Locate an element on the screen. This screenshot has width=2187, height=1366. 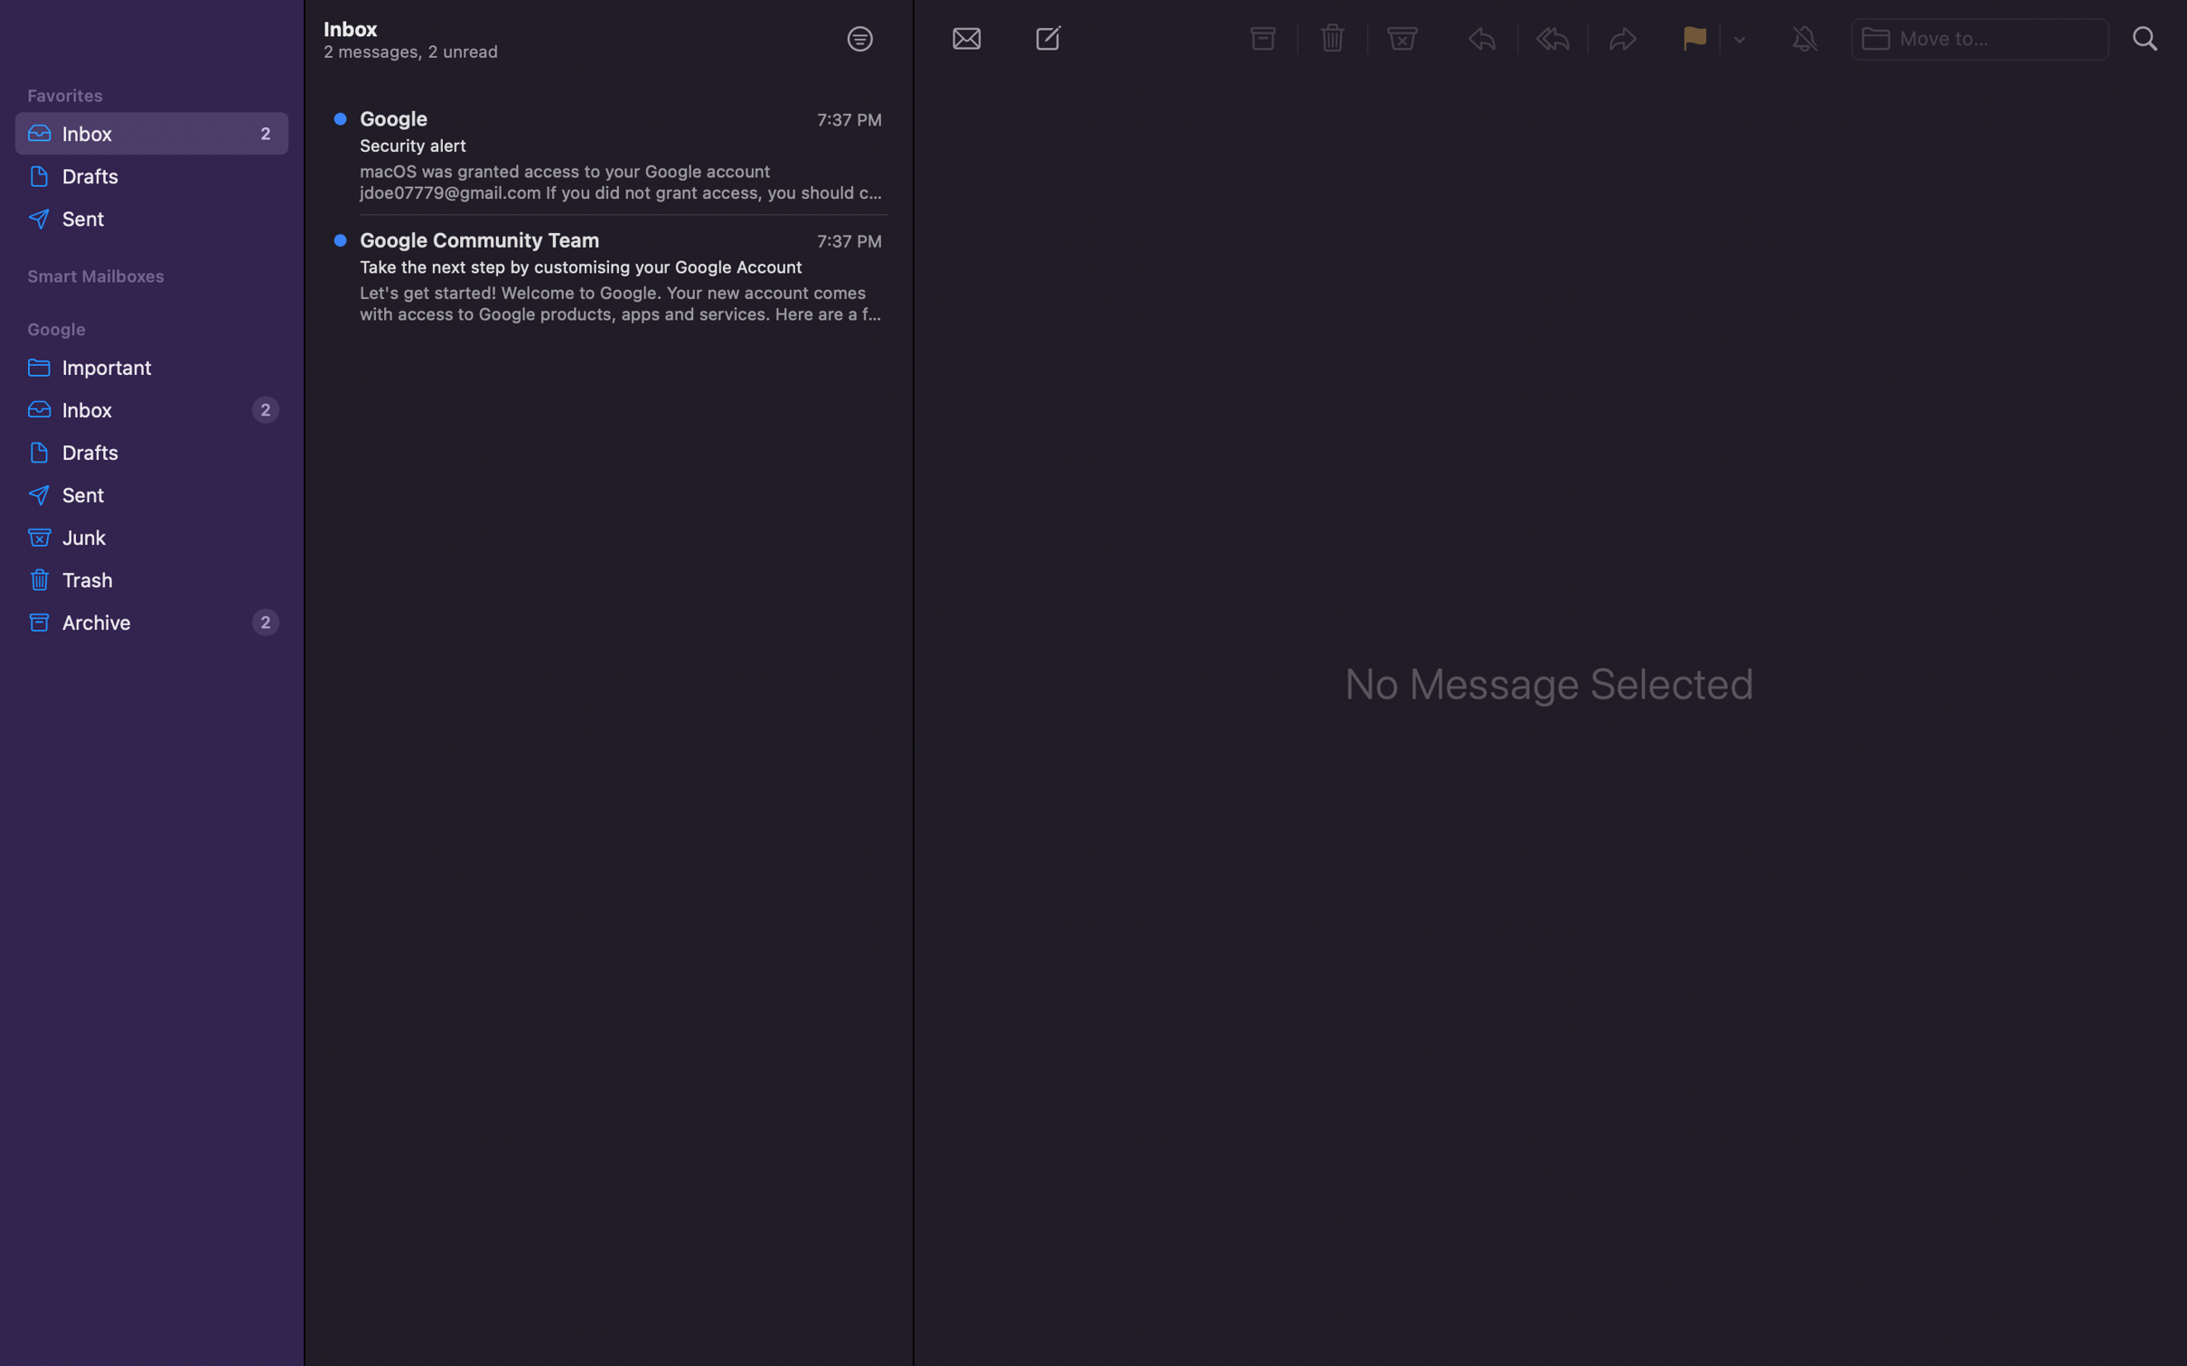
Respond to all recipients of the second email from Google team is located at coordinates (611, 279).